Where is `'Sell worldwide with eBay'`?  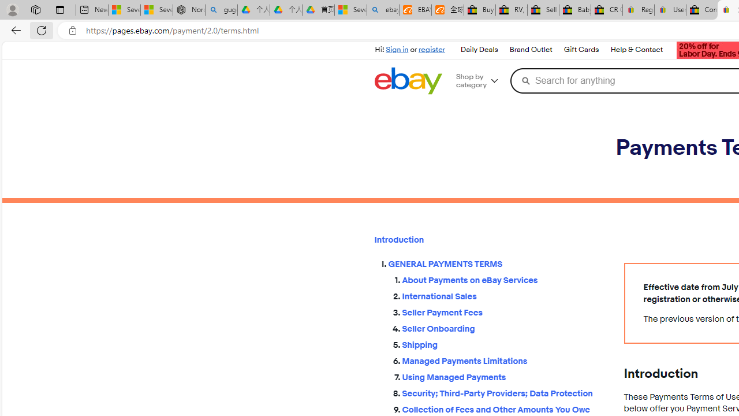 'Sell worldwide with eBay' is located at coordinates (542, 10).